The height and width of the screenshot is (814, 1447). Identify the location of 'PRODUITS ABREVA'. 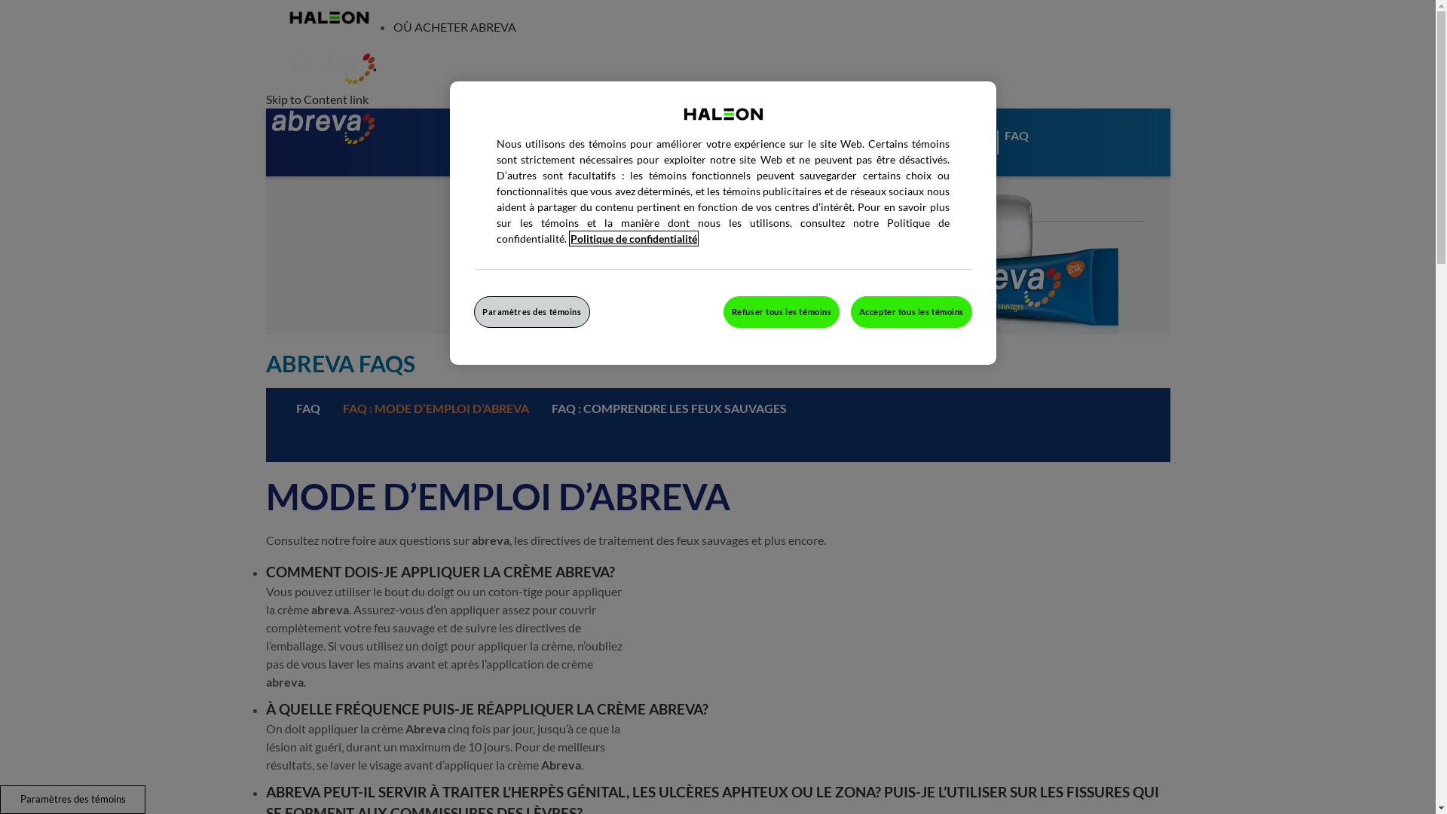
(524, 153).